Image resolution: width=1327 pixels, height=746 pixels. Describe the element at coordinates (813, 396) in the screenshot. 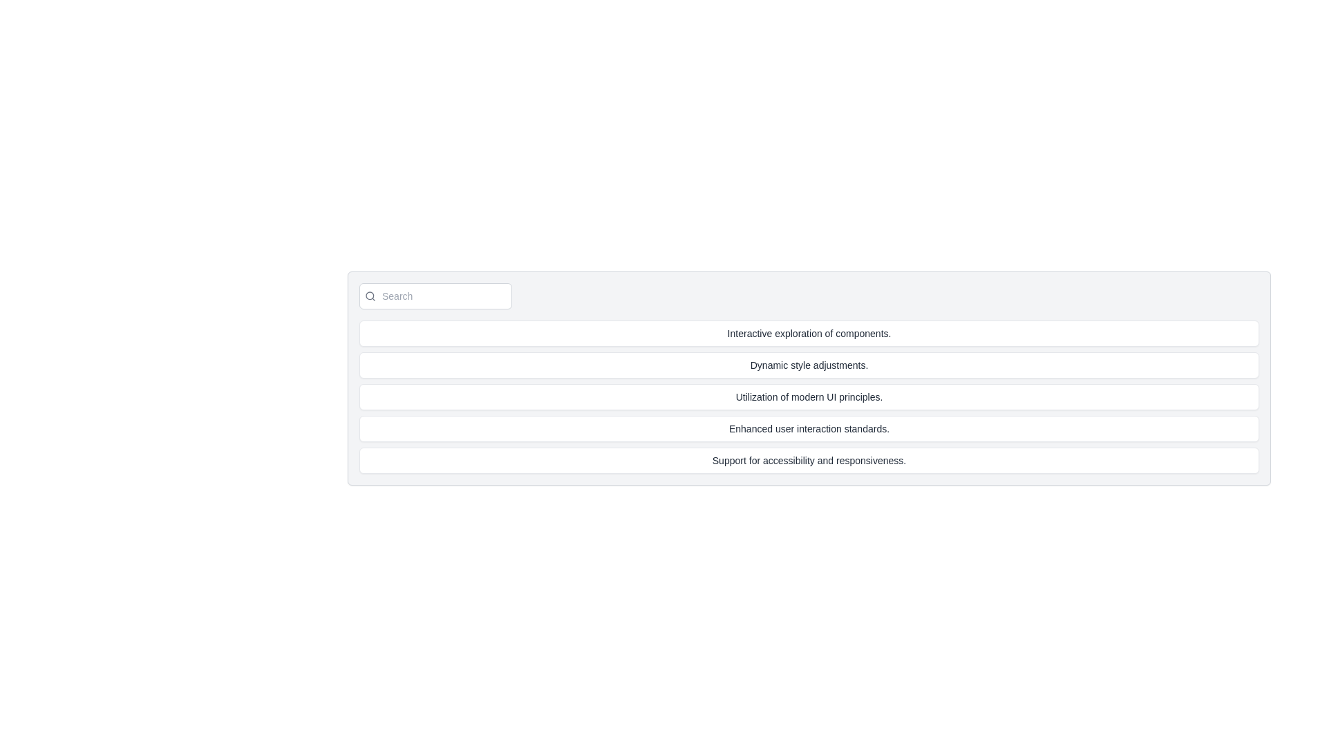

I see `the last character of the word 'modern' in the text 'Utilization of modern UI principles.'` at that location.